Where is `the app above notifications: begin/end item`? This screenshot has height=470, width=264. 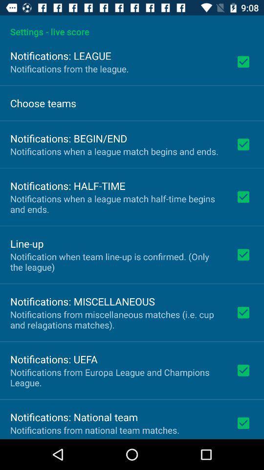
the app above notifications: begin/end item is located at coordinates (43, 103).